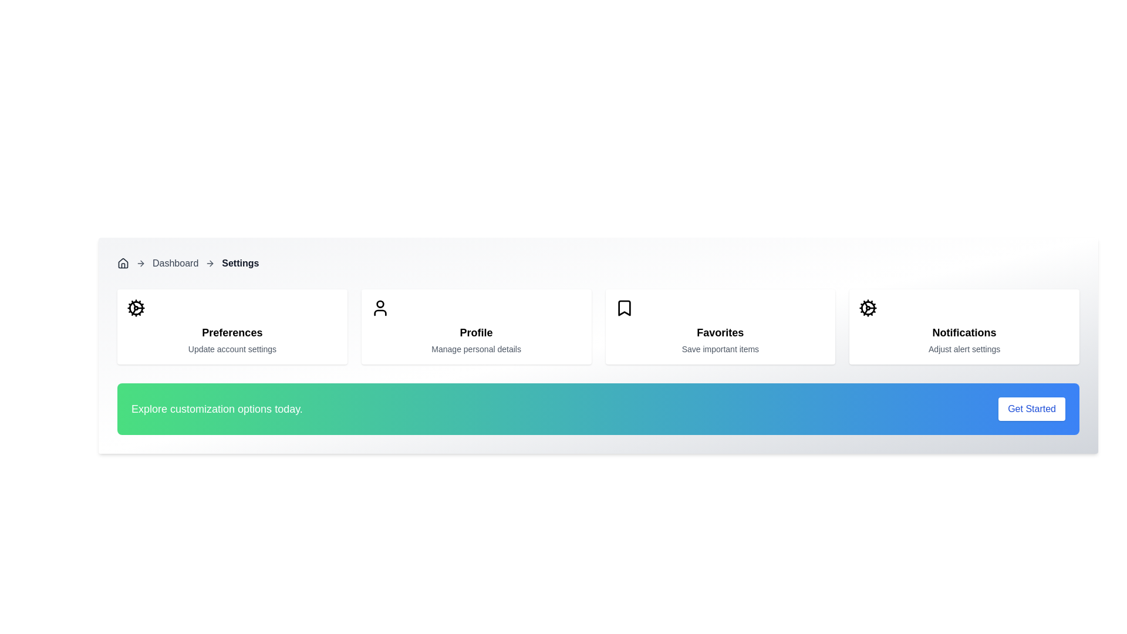  I want to click on the rectangular button with rounded corners that has a white background and blue text saying 'Get Started' to initiate action, so click(1031, 409).